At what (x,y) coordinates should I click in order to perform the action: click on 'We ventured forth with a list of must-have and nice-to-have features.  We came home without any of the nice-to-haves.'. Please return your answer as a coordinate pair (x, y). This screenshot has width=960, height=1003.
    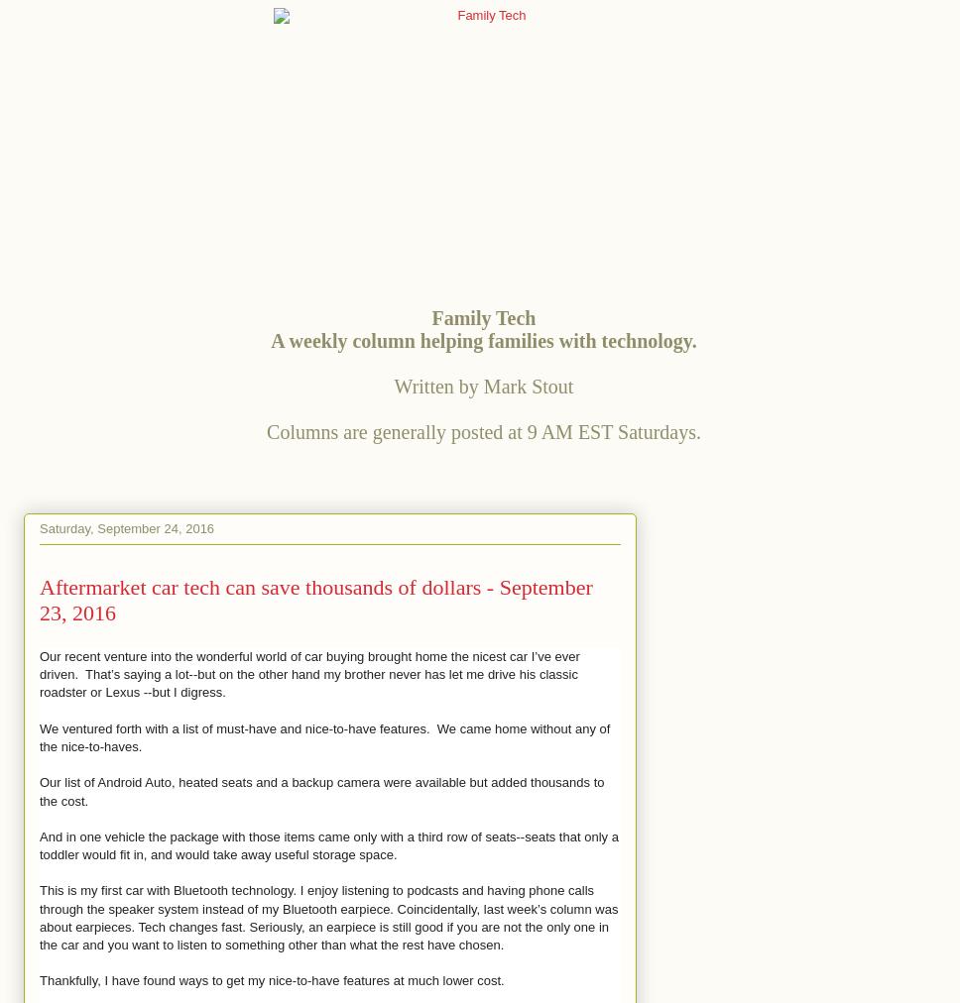
    Looking at the image, I should click on (324, 736).